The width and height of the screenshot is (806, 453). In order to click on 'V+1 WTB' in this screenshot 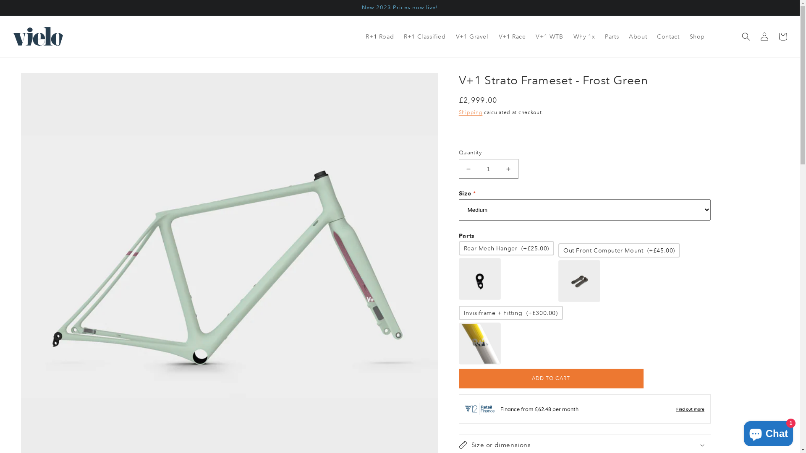, I will do `click(549, 36)`.